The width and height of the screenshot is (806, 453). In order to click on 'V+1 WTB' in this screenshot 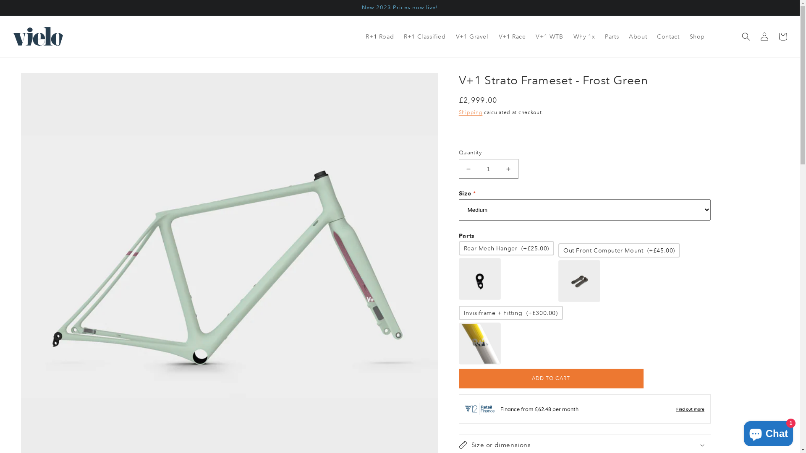, I will do `click(549, 36)`.